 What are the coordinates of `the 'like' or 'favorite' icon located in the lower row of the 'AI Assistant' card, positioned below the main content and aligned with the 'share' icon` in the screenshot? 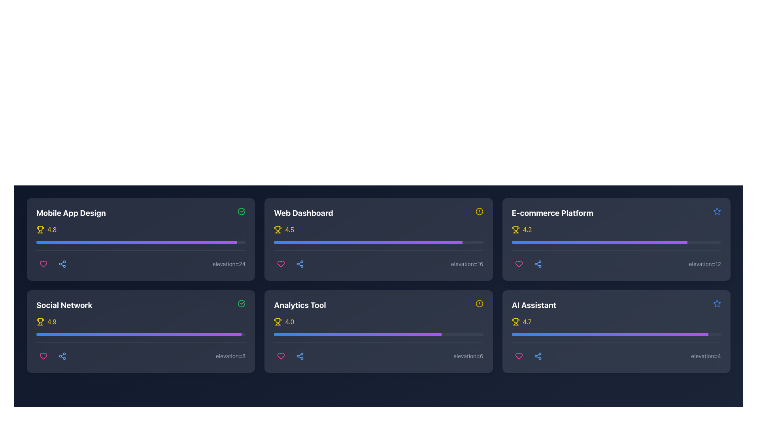 It's located at (519, 356).